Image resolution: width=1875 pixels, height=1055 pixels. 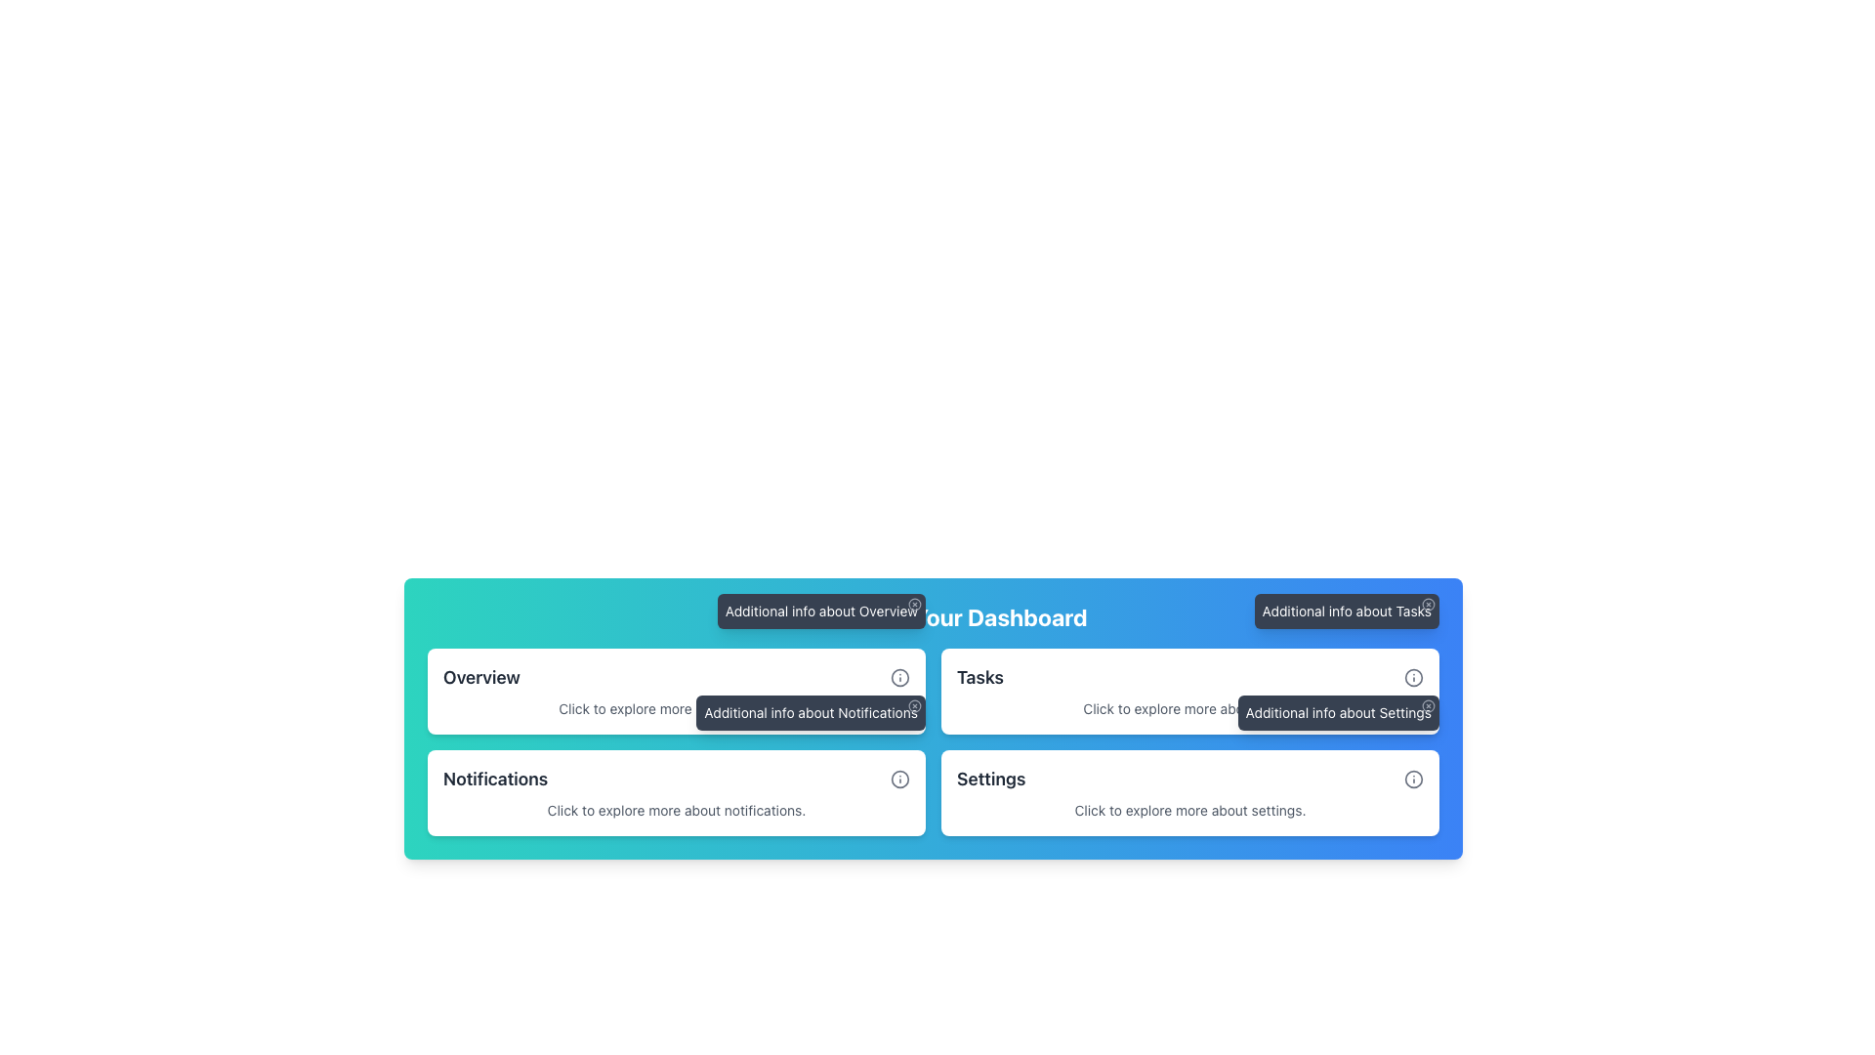 What do you see at coordinates (913, 705) in the screenshot?
I see `the Close button located in the top-right corner of the 'Additional info about Notifications' tooltip` at bounding box center [913, 705].